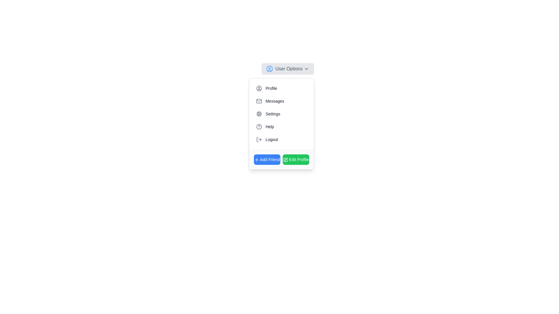 The image size is (559, 314). What do you see at coordinates (259, 88) in the screenshot?
I see `the 'Profile' menu item associated with the user profile icon, which is a small circular icon with a gray outline located in the first menu option of the 'User Options' dropdown` at bounding box center [259, 88].